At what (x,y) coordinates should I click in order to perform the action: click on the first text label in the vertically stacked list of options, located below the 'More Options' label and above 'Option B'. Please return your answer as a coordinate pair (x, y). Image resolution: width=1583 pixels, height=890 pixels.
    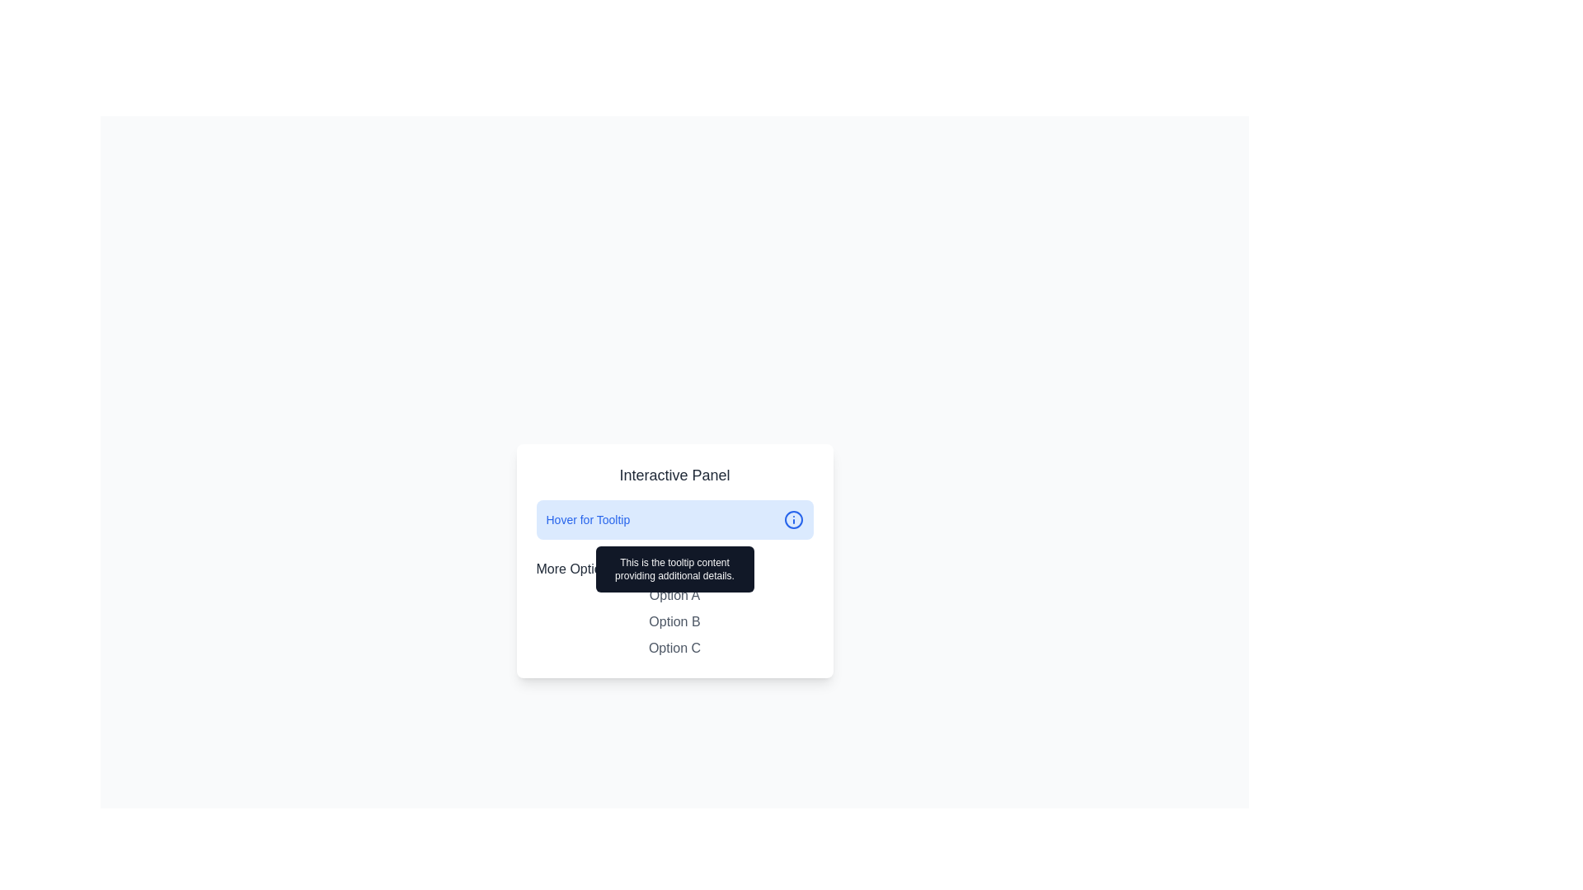
    Looking at the image, I should click on (674, 595).